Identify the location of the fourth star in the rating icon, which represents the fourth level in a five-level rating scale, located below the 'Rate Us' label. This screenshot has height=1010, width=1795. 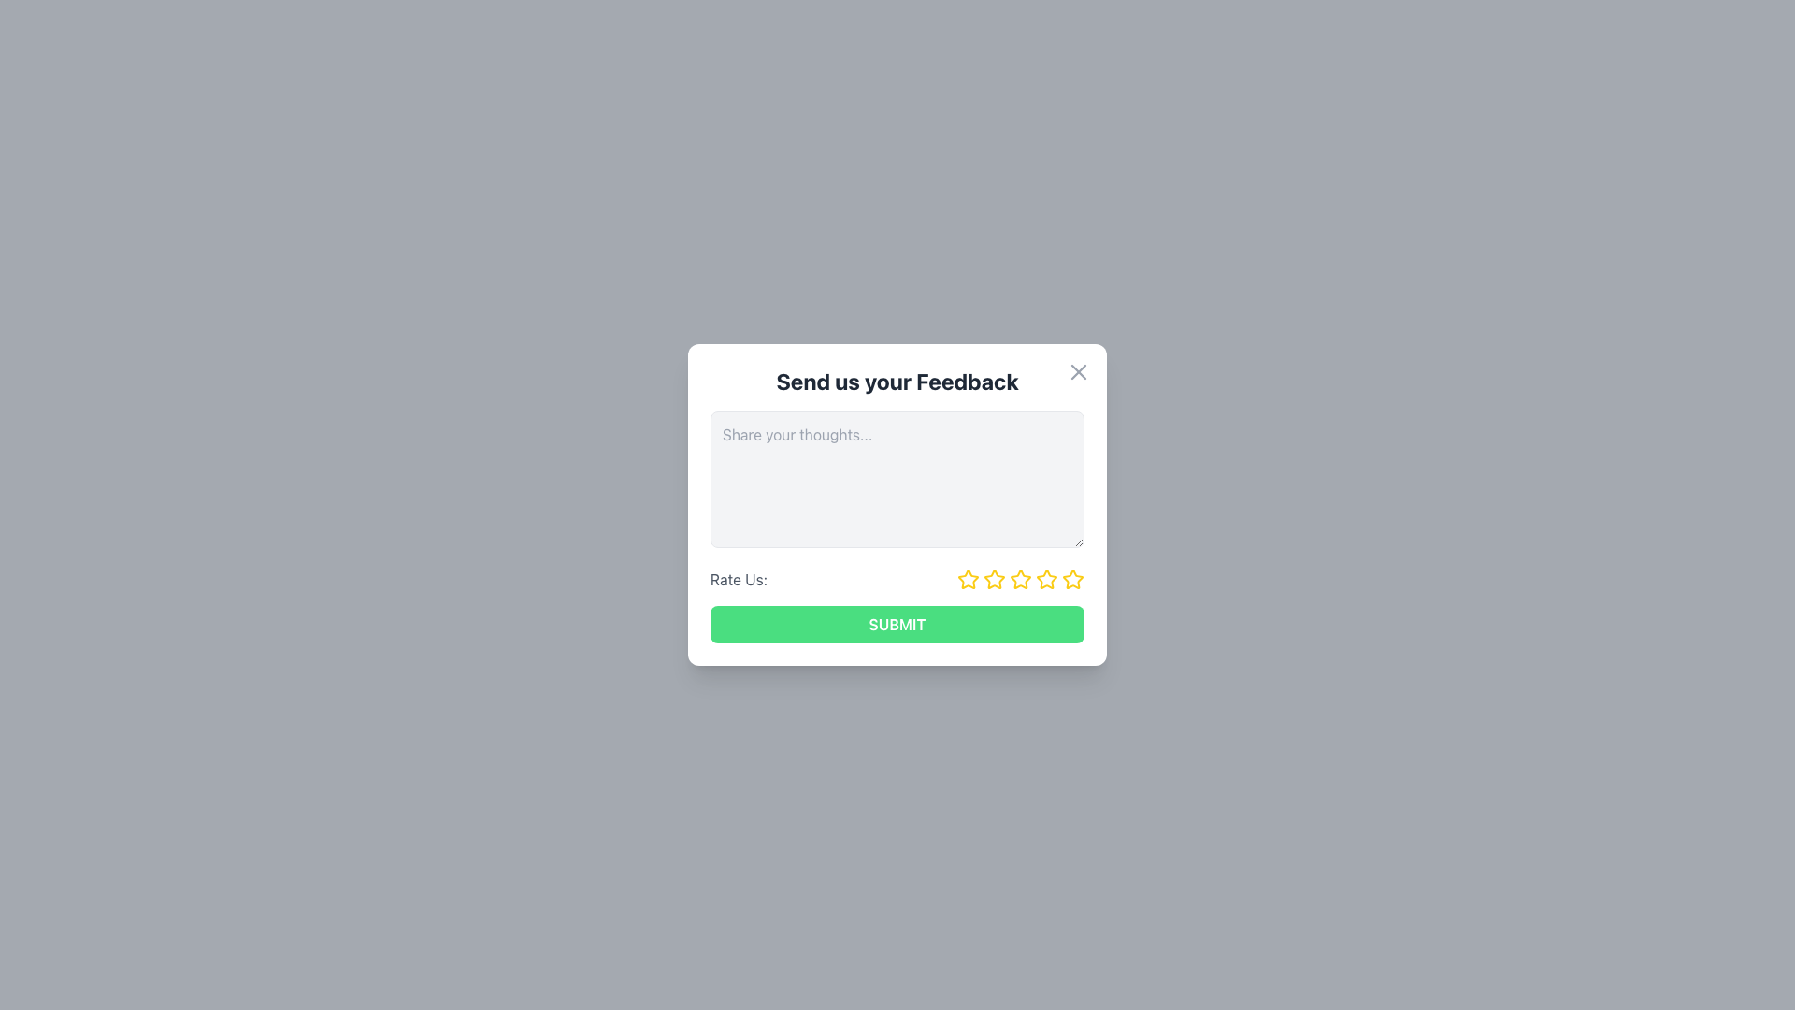
(1019, 579).